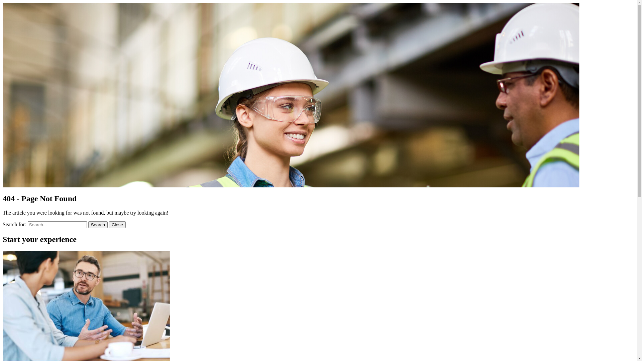 Image resolution: width=642 pixels, height=361 pixels. Describe the element at coordinates (97, 225) in the screenshot. I see `'Search'` at that location.